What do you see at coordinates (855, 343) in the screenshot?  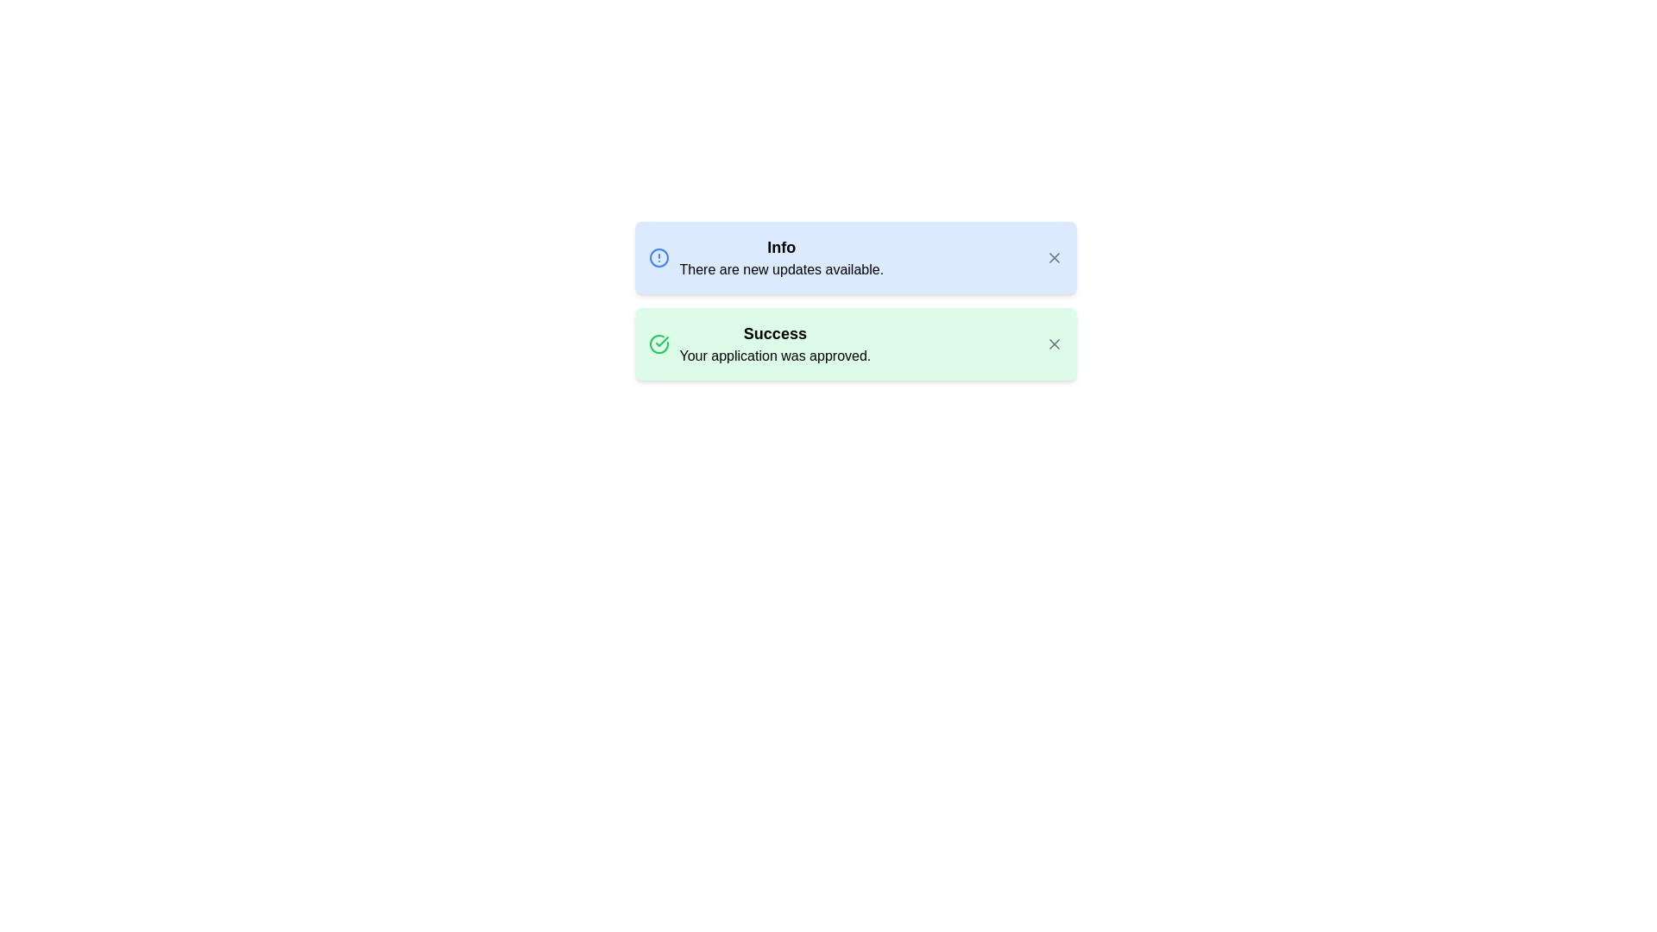 I see `the success notification box that informs the user their application was approved, positioned below the blue information element` at bounding box center [855, 343].